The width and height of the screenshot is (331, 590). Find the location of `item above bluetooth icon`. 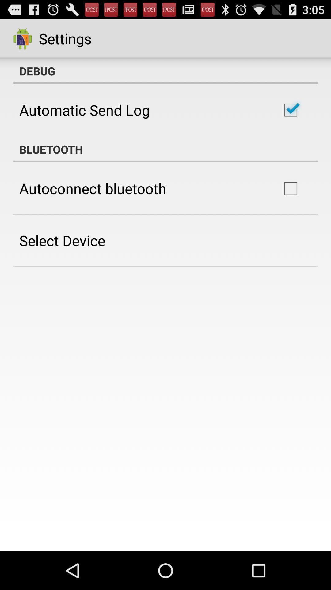

item above bluetooth icon is located at coordinates (85, 110).